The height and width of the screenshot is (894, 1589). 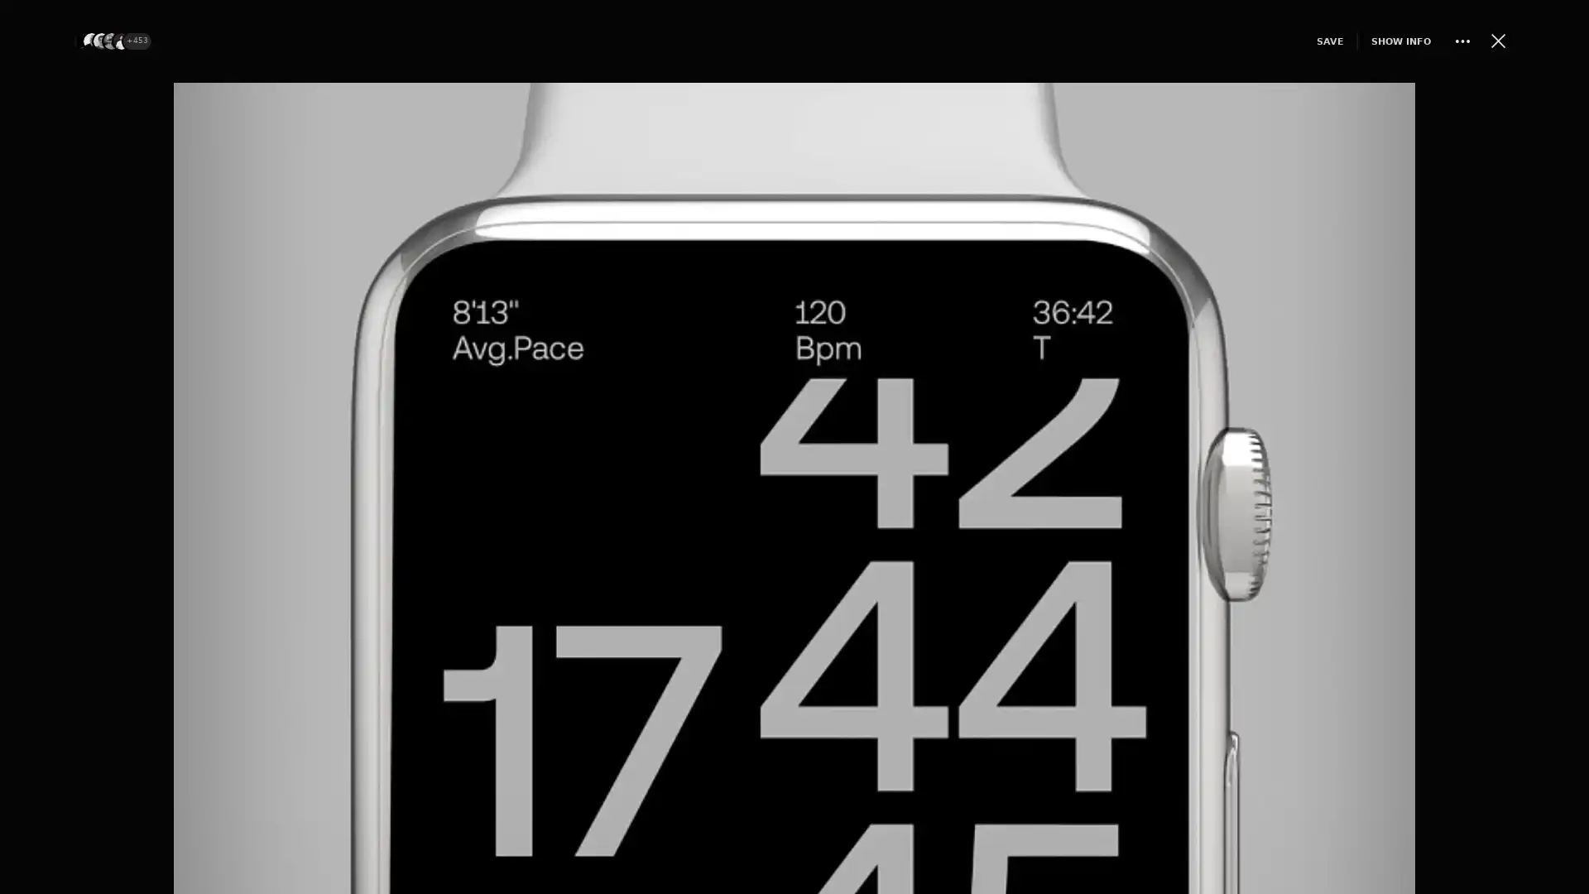 I want to click on SHOW INFO, so click(x=1390, y=40).